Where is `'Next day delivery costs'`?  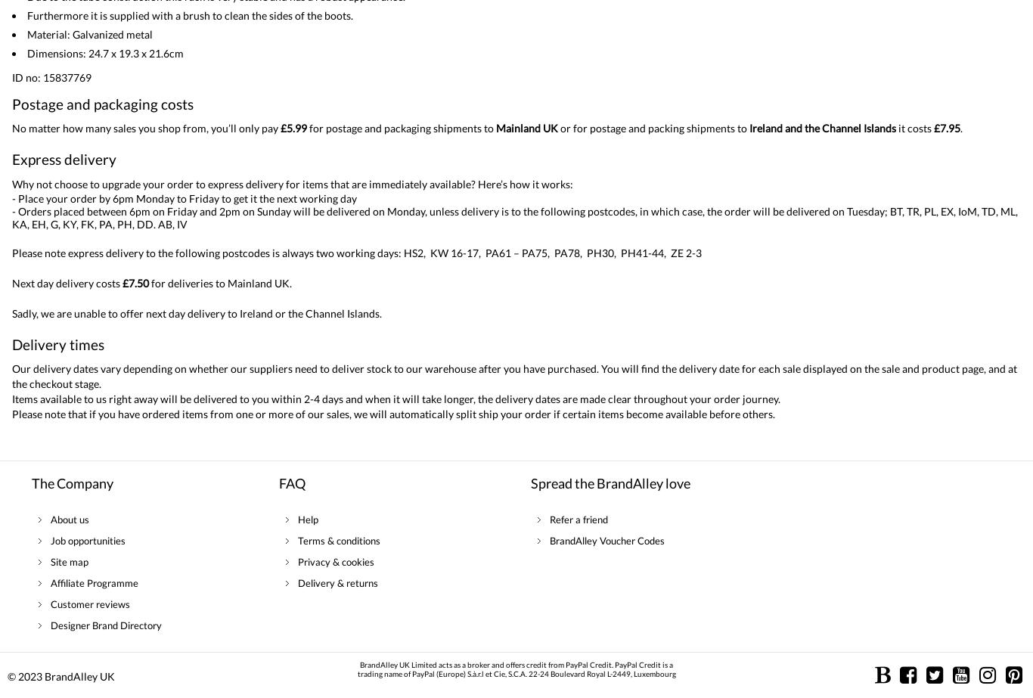
'Next day delivery costs' is located at coordinates (67, 282).